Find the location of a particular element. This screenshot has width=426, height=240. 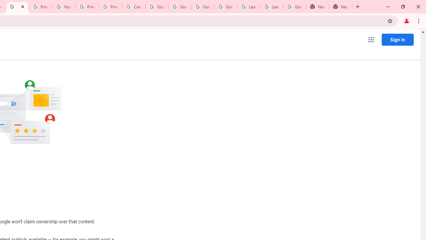

'YouTube' is located at coordinates (64, 7).